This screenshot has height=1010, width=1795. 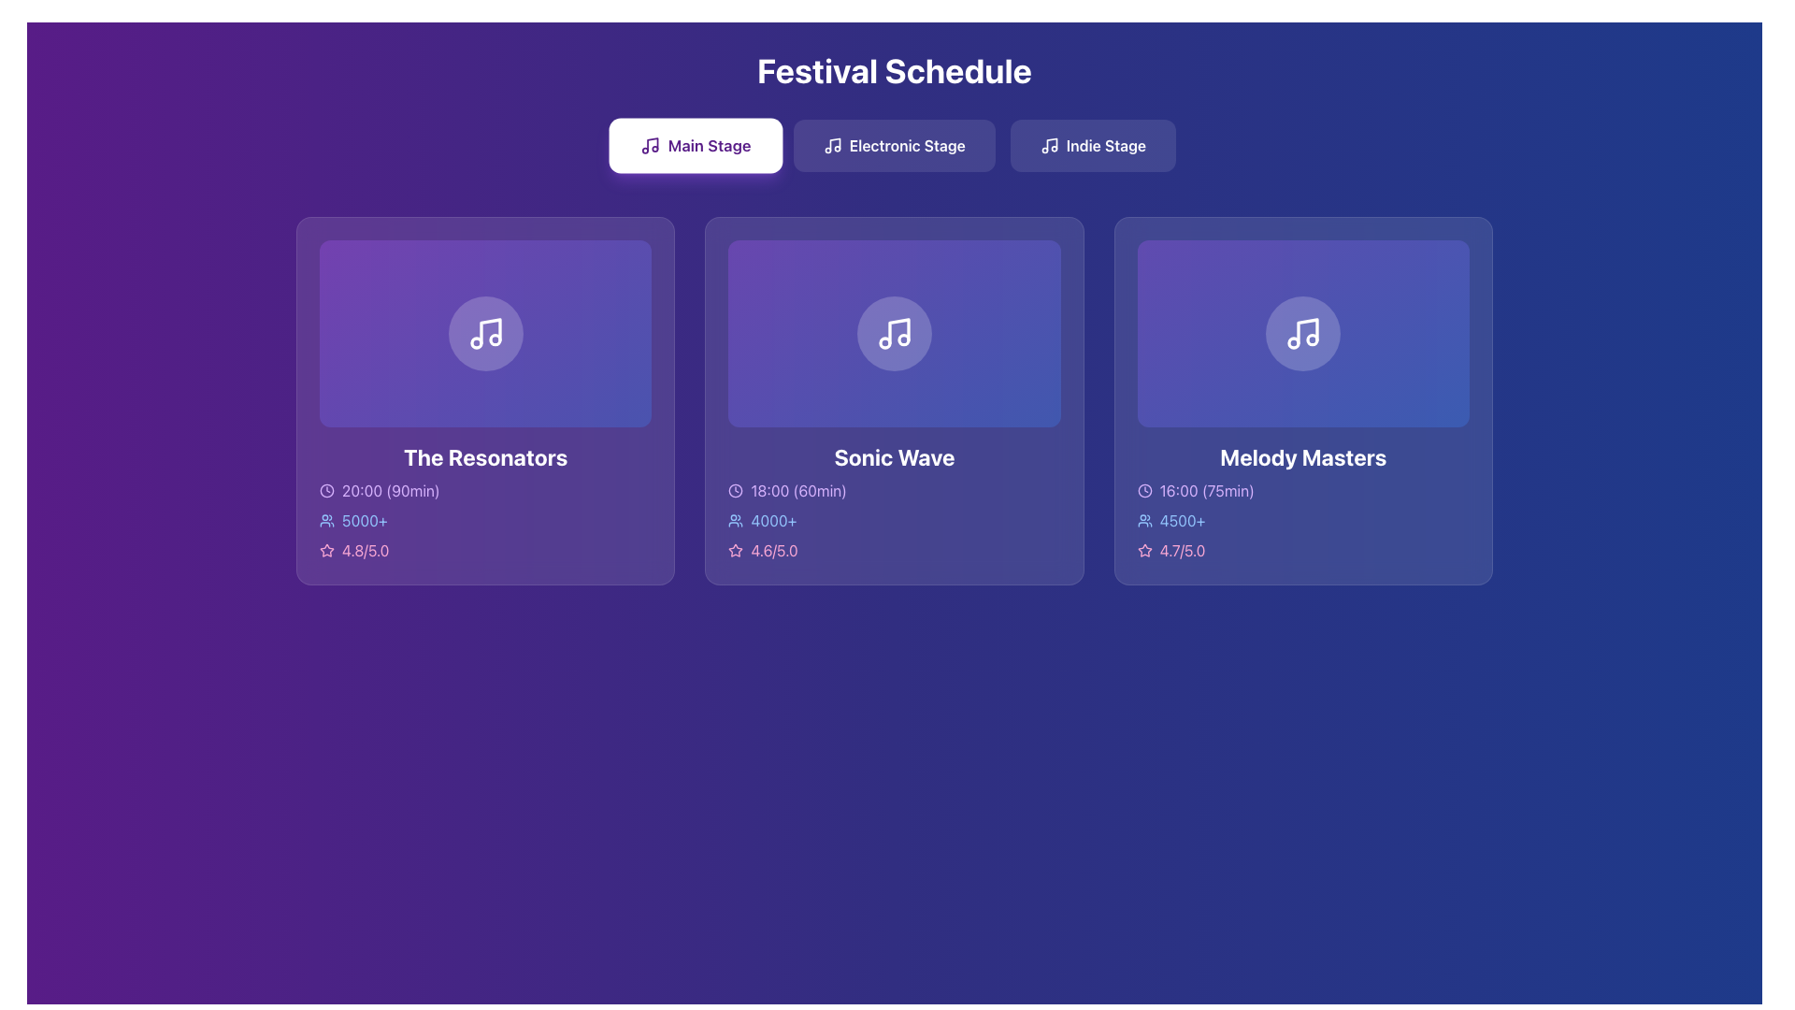 I want to click on the time indicator icon located to the left of the '16:00 (75min)' text in the 'Melody Masters' schedule section, so click(x=1143, y=489).